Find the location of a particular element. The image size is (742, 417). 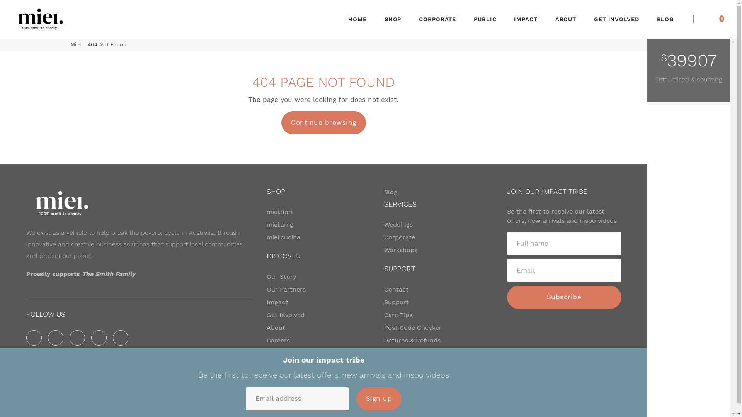

'Sign up' is located at coordinates (356, 399).